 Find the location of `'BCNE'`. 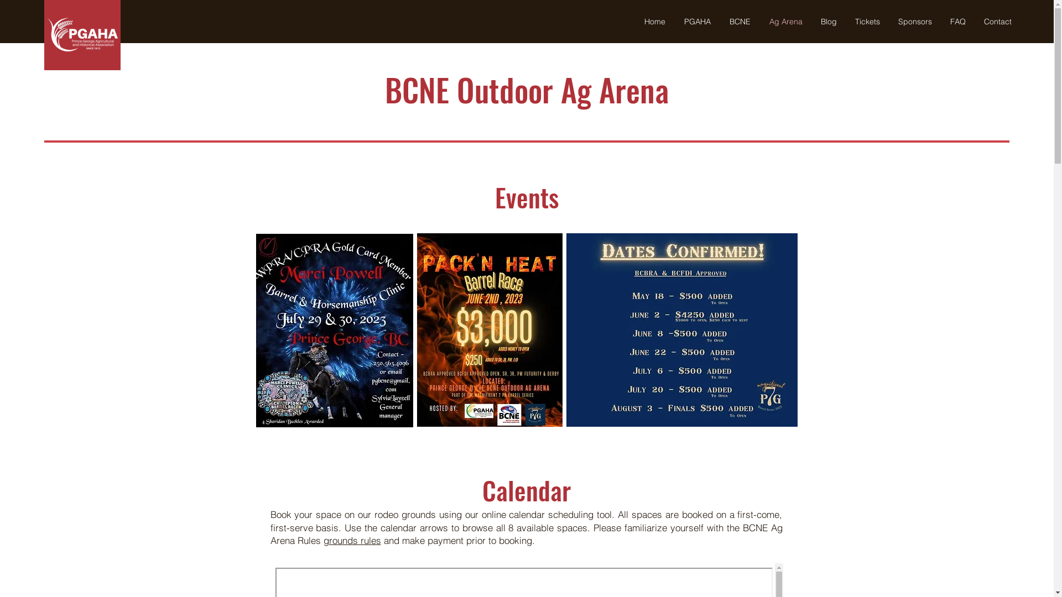

'BCNE' is located at coordinates (740, 21).